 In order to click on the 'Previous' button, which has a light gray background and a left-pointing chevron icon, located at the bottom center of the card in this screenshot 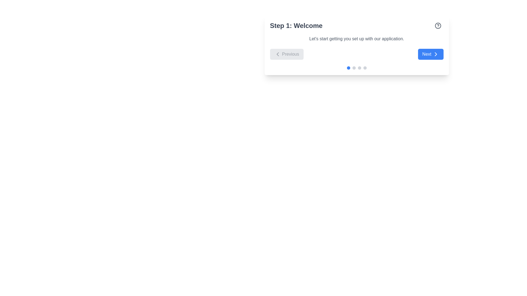, I will do `click(286, 54)`.